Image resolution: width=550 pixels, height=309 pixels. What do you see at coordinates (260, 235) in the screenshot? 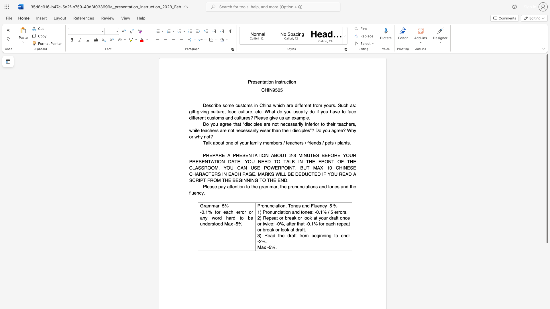
I see `the subset text ") Read the draf" within the text "3) Read the draft from beginning to end: -2%."` at bounding box center [260, 235].